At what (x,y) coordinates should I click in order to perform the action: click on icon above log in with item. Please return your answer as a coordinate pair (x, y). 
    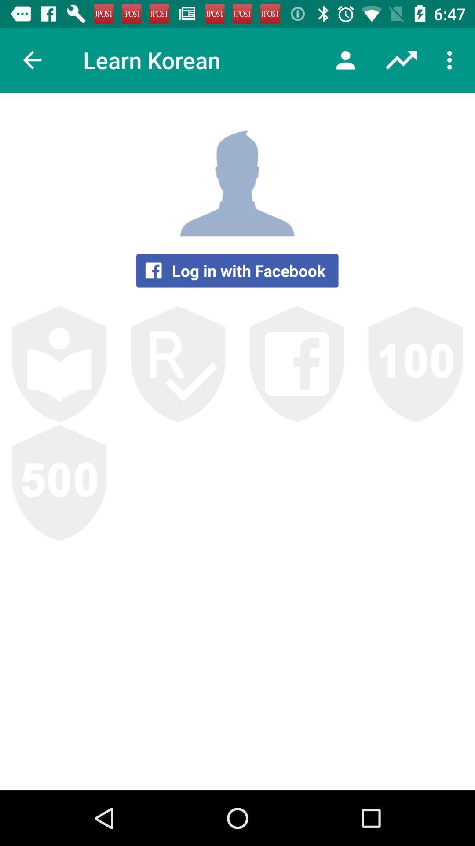
    Looking at the image, I should click on (345, 59).